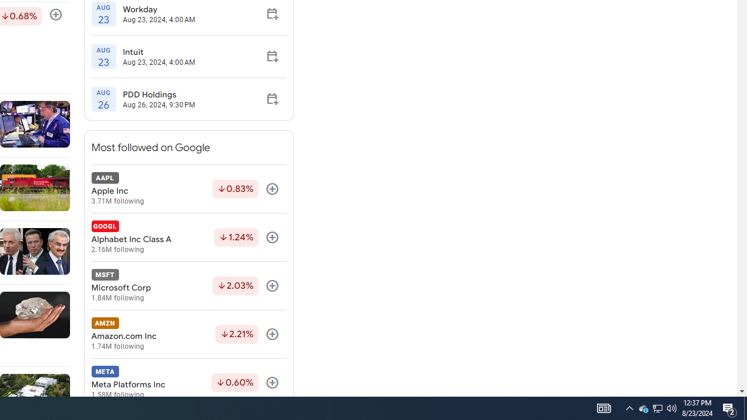 The image size is (747, 420). What do you see at coordinates (189, 286) in the screenshot?
I see `'MSFT Microsoft Corp 1.84M following Down by 2.03% Follow'` at bounding box center [189, 286].